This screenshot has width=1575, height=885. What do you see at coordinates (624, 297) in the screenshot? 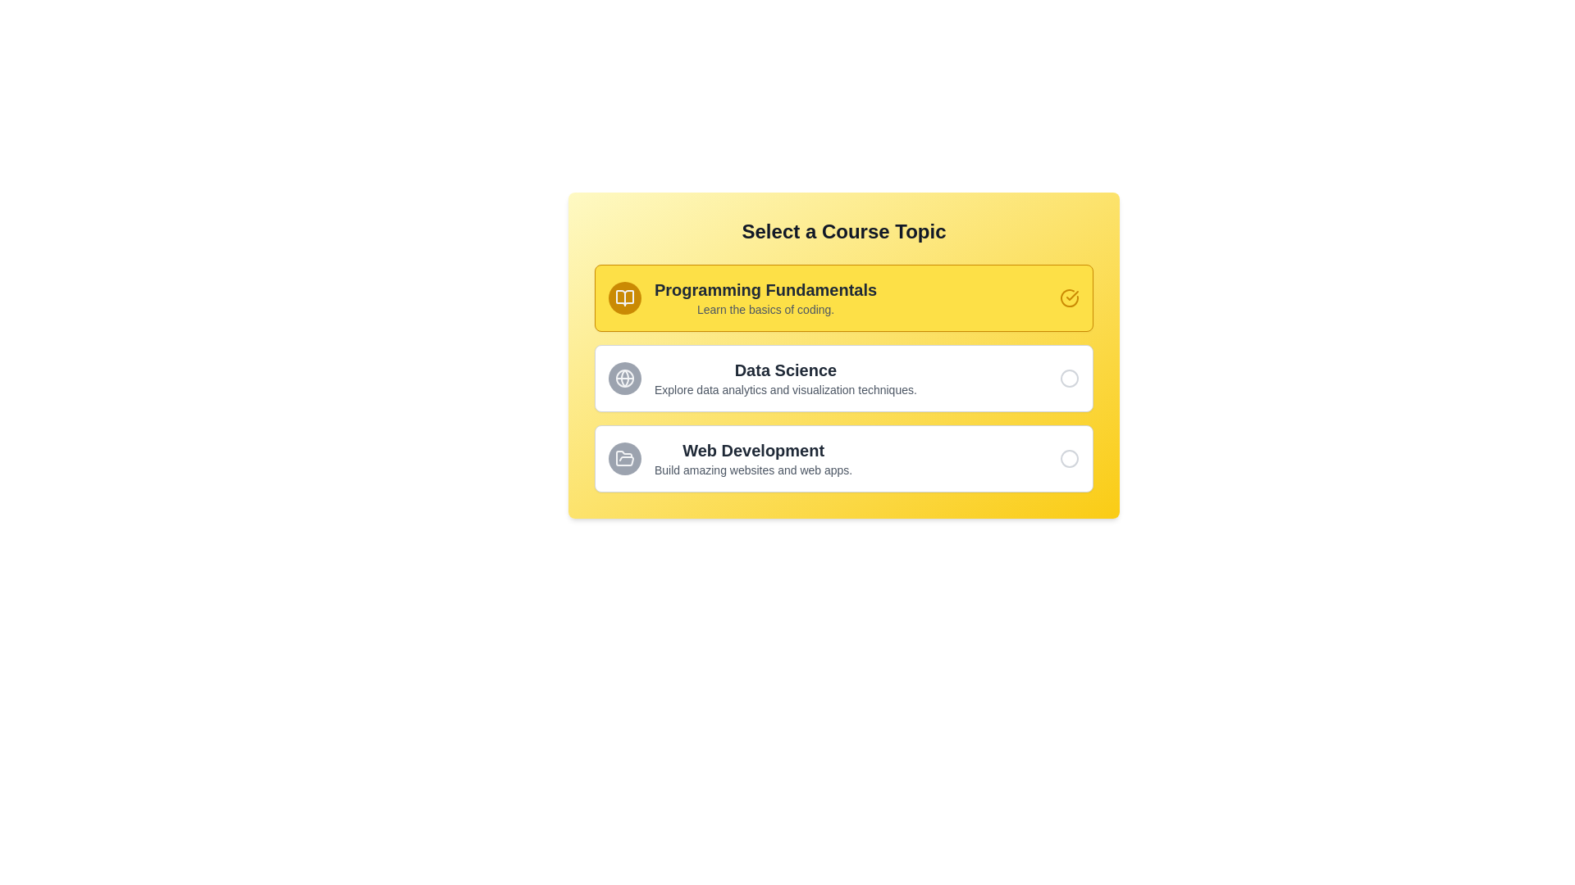
I see `the open book icon with a yellow color scheme located to the left of the text 'Programming Fundamentals.'` at bounding box center [624, 297].